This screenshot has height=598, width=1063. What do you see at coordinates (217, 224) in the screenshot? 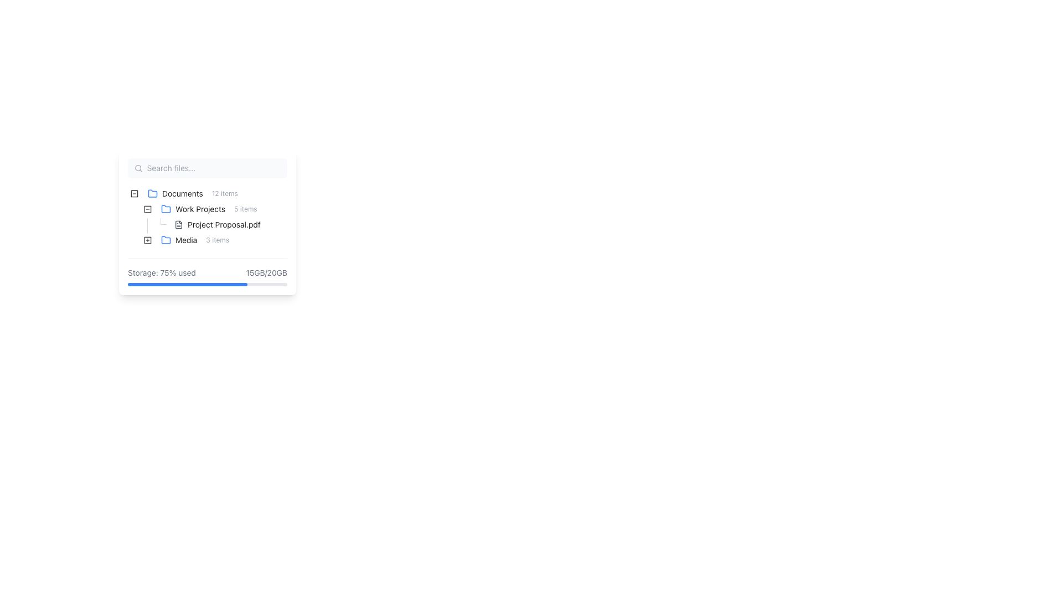
I see `the 'Project Proposal.pdf' file representation label with icon` at bounding box center [217, 224].